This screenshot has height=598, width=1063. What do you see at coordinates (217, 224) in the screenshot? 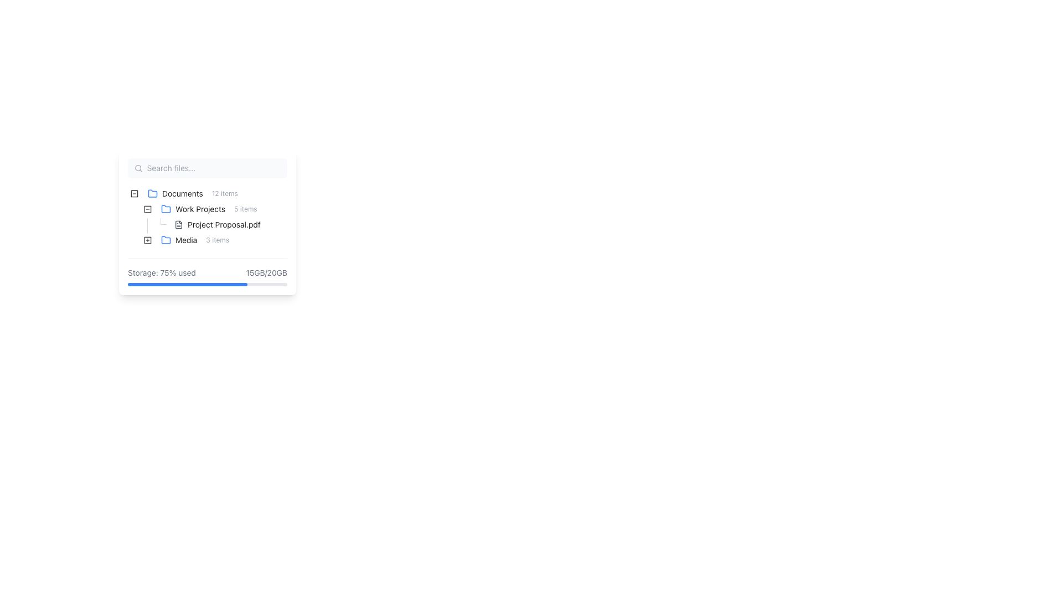
I see `the 'Project Proposal.pdf' file representation label with icon` at bounding box center [217, 224].